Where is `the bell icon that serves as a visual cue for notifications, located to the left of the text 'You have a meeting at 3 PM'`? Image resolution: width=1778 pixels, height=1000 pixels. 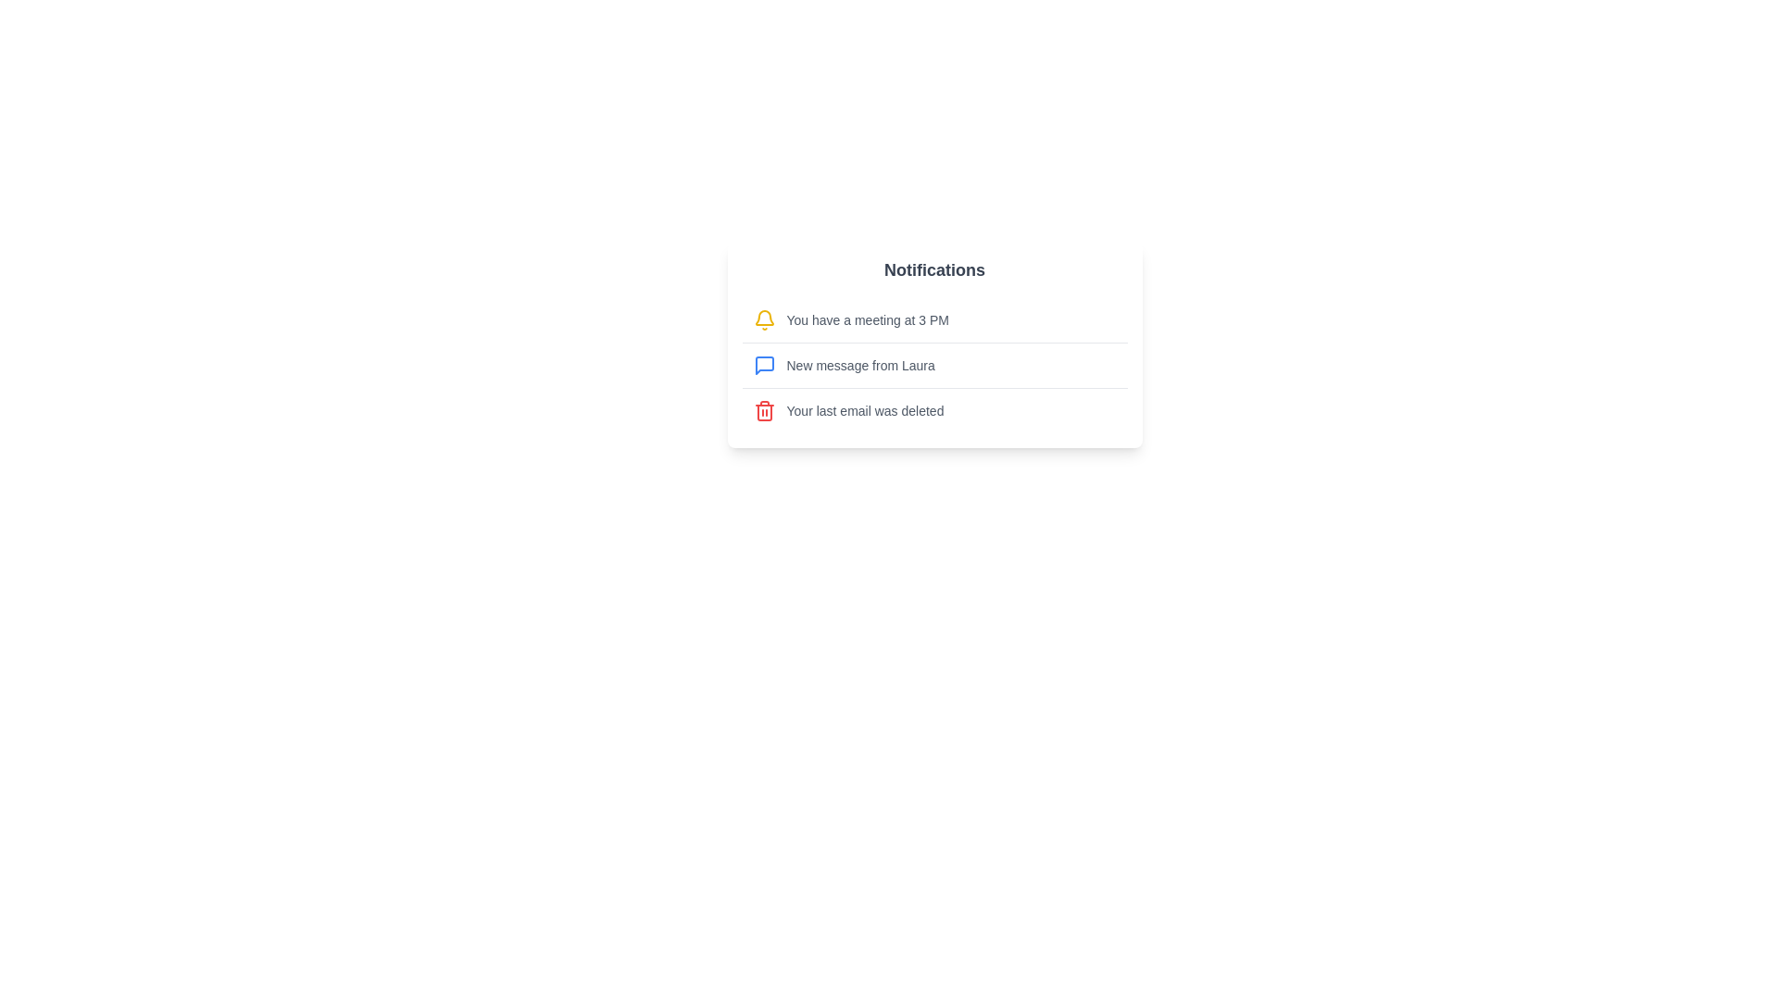 the bell icon that serves as a visual cue for notifications, located to the left of the text 'You have a meeting at 3 PM' is located at coordinates (764, 319).